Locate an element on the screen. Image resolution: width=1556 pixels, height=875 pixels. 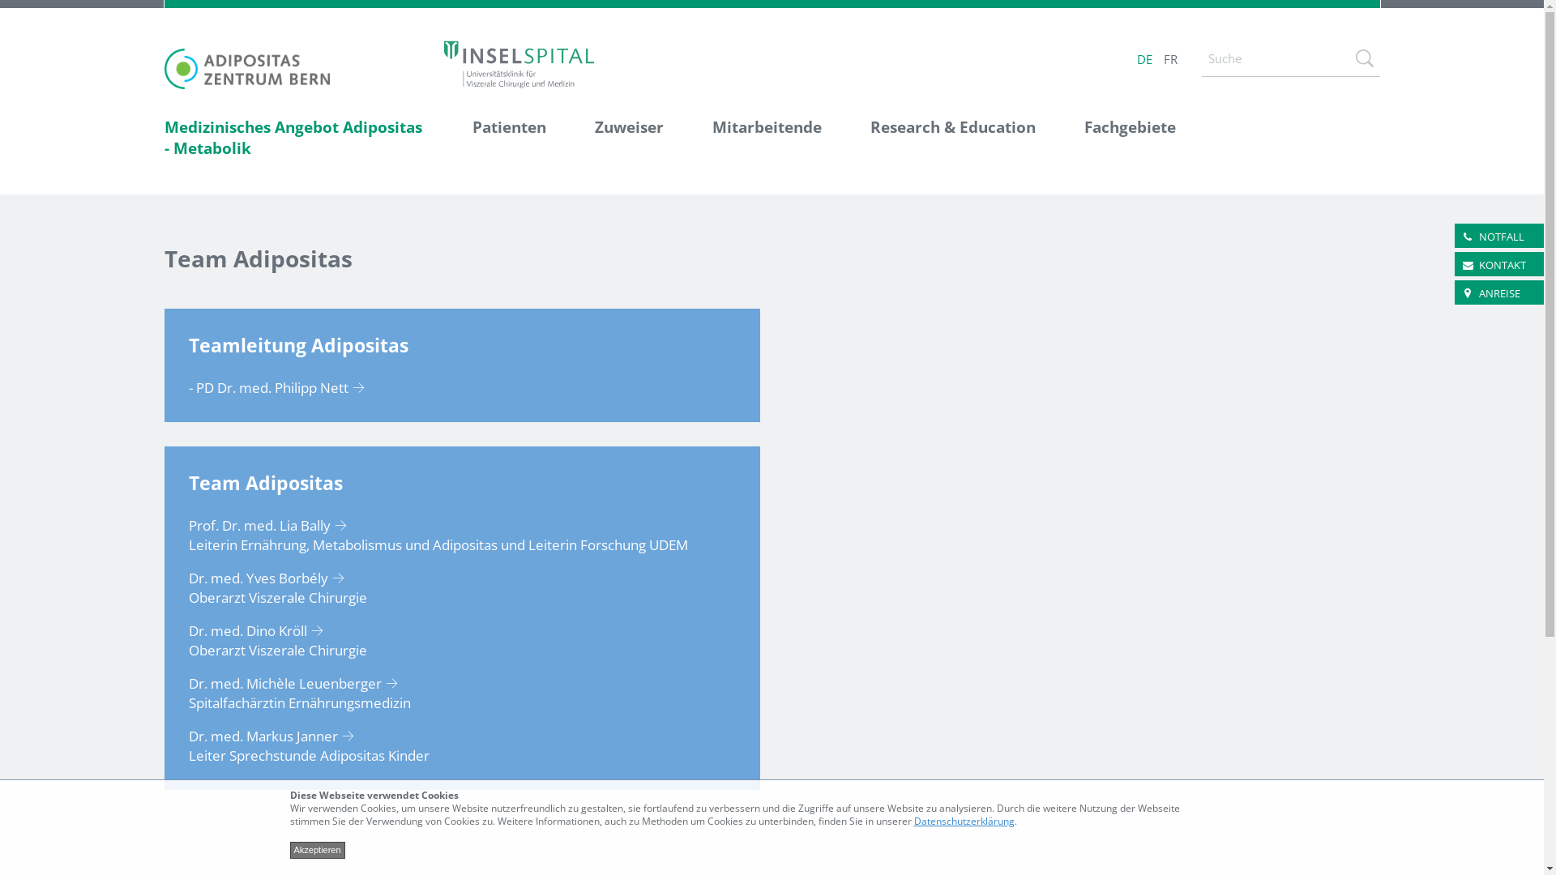
'- PD Dr. med. Philipp Nett' is located at coordinates (280, 387).